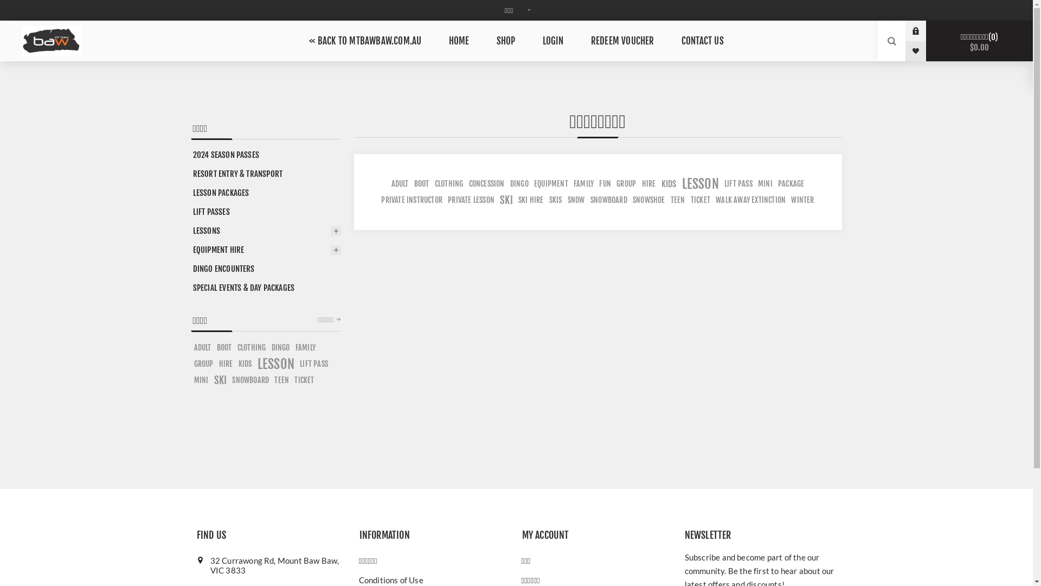 The height and width of the screenshot is (586, 1041). Describe the element at coordinates (556, 200) in the screenshot. I see `'SKIS'` at that location.